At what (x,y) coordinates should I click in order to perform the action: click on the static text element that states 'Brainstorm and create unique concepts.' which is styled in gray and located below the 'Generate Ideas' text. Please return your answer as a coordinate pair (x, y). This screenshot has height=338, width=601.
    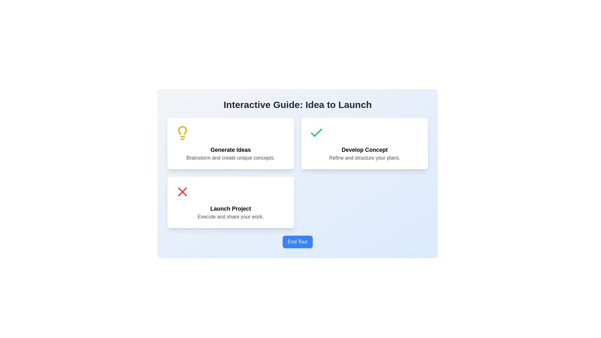
    Looking at the image, I should click on (230, 158).